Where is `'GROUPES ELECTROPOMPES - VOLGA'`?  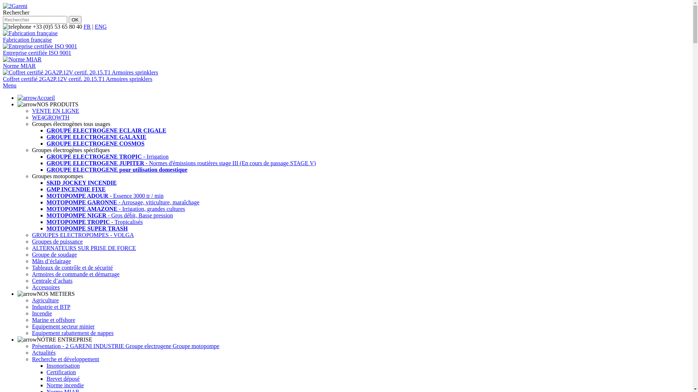
'GROUPES ELECTROPOMPES - VOLGA' is located at coordinates (83, 235).